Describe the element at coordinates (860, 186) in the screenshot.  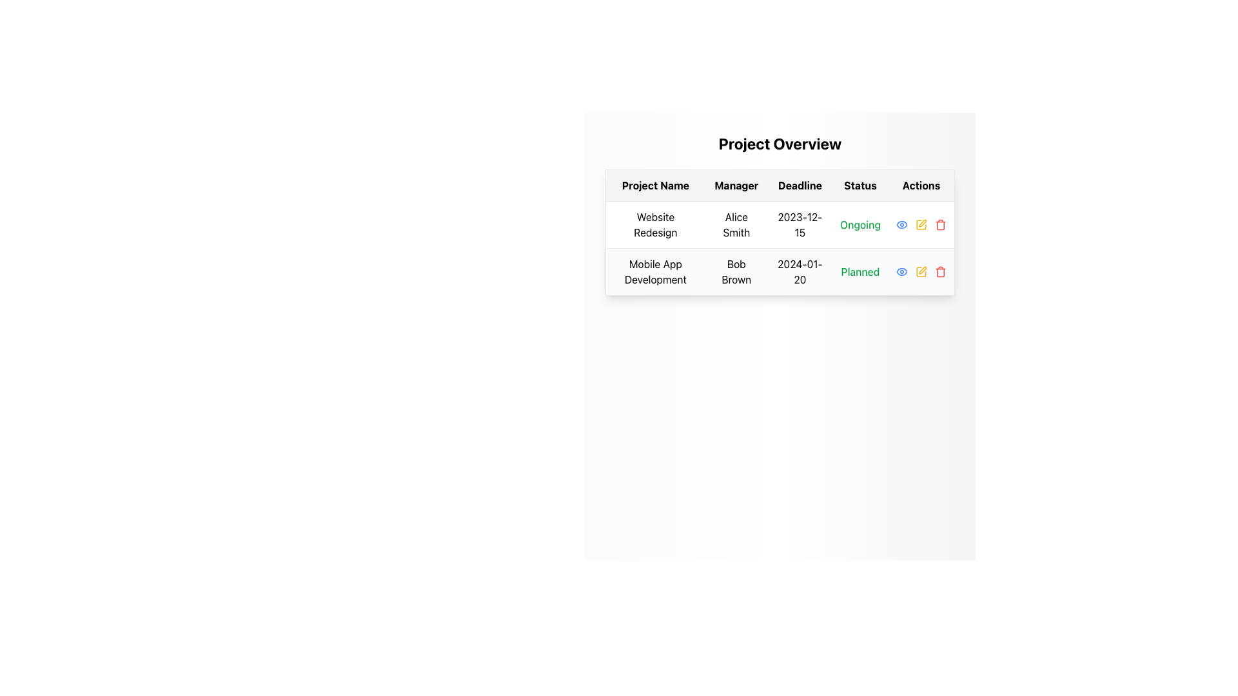
I see `the 'Status' header label in the table, which is the fourth column title and provides reference for status values` at that location.